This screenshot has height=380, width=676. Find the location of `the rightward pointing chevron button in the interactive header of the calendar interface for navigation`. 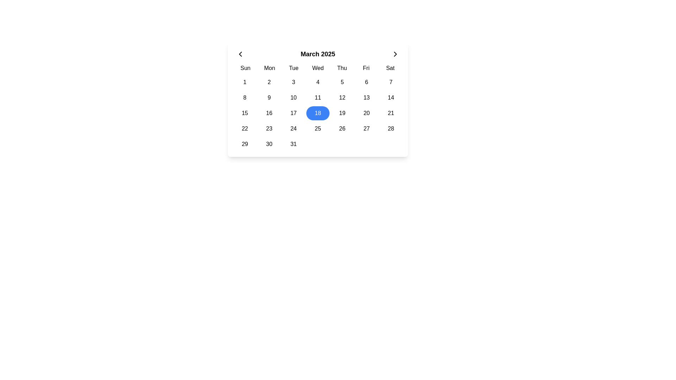

the rightward pointing chevron button in the interactive header of the calendar interface for navigation is located at coordinates (395, 54).